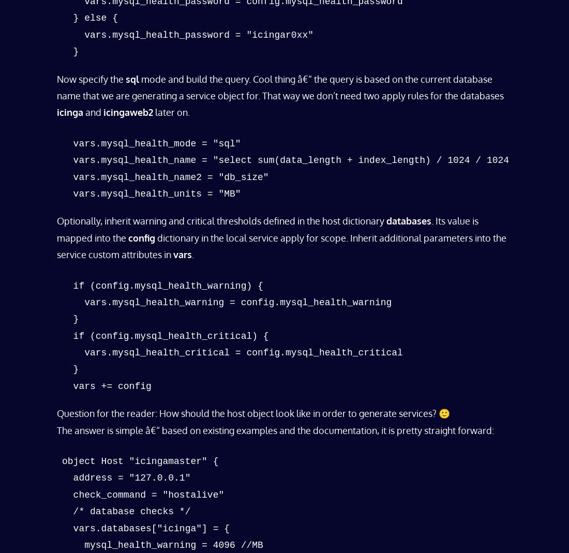  I want to click on 'Optionally, inherit warning and critical thresholds defined in the host dictionary', so click(221, 220).